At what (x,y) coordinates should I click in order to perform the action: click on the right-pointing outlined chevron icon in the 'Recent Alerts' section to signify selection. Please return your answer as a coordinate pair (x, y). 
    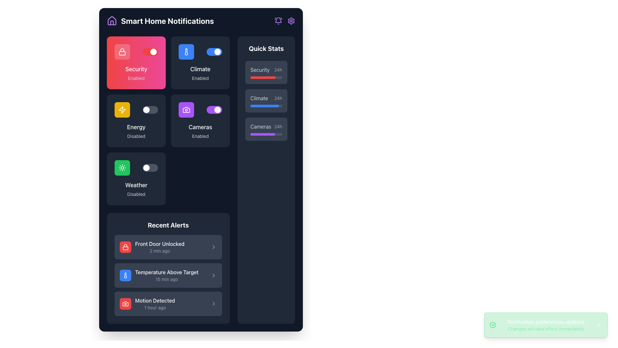
    Looking at the image, I should click on (213, 247).